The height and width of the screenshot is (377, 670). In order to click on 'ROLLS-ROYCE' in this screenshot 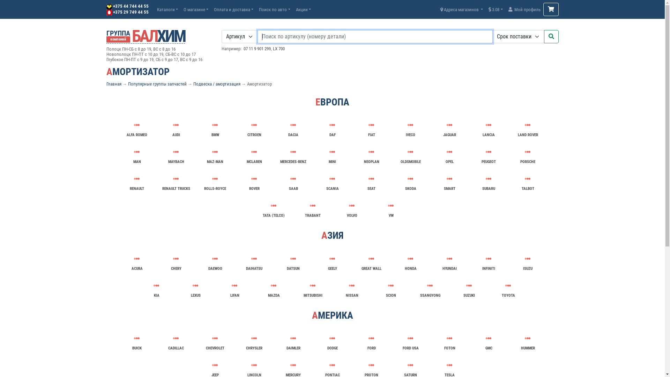, I will do `click(214, 178)`.